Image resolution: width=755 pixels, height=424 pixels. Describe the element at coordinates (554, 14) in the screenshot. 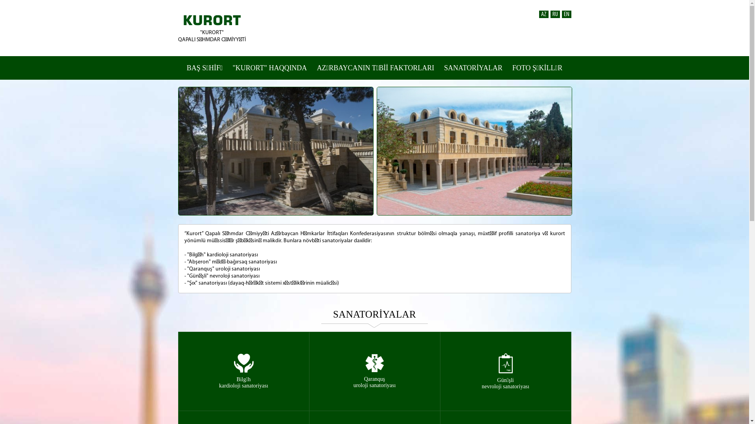

I see `'RU'` at that location.